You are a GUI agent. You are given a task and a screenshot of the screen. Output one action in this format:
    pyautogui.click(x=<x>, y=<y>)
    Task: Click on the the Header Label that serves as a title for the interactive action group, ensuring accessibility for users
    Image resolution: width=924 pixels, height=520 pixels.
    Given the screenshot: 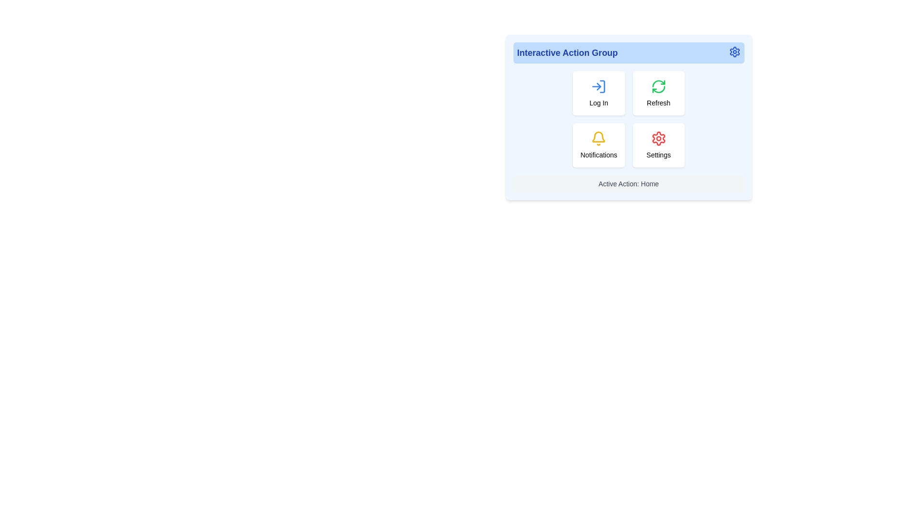 What is the action you would take?
    pyautogui.click(x=567, y=53)
    